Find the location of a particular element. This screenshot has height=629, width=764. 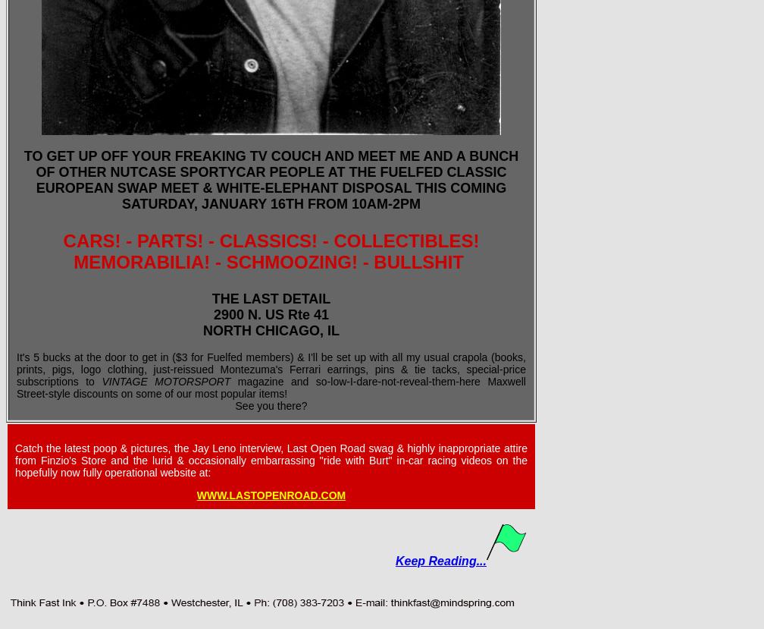

'2PM' is located at coordinates (406, 203).